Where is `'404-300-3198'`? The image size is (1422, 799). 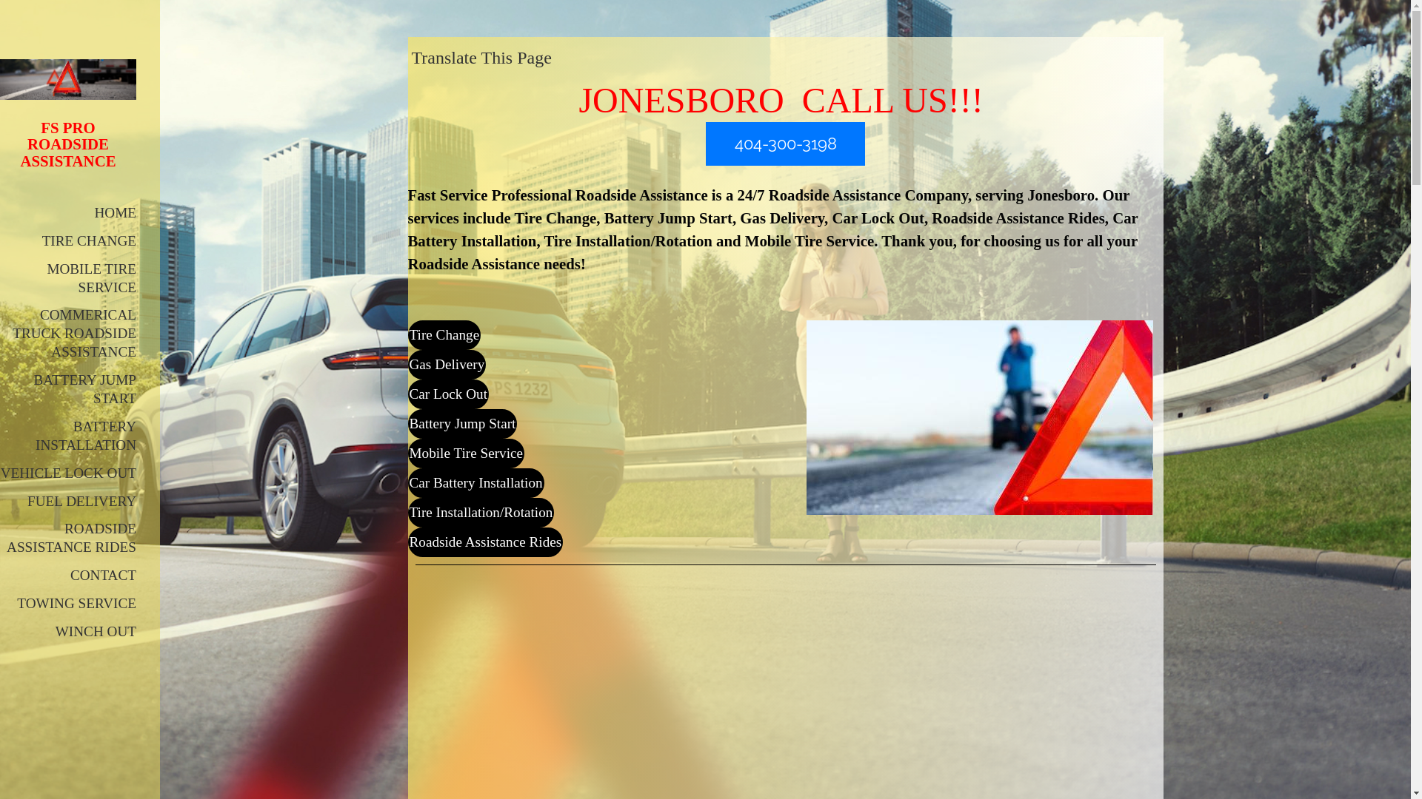
'404-300-3198' is located at coordinates (784, 144).